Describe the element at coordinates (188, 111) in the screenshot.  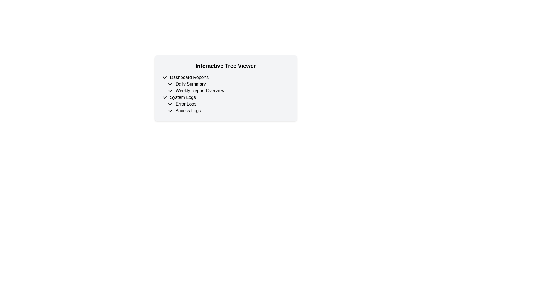
I see `the 'Access Logs' text label within the tree view menu` at that location.